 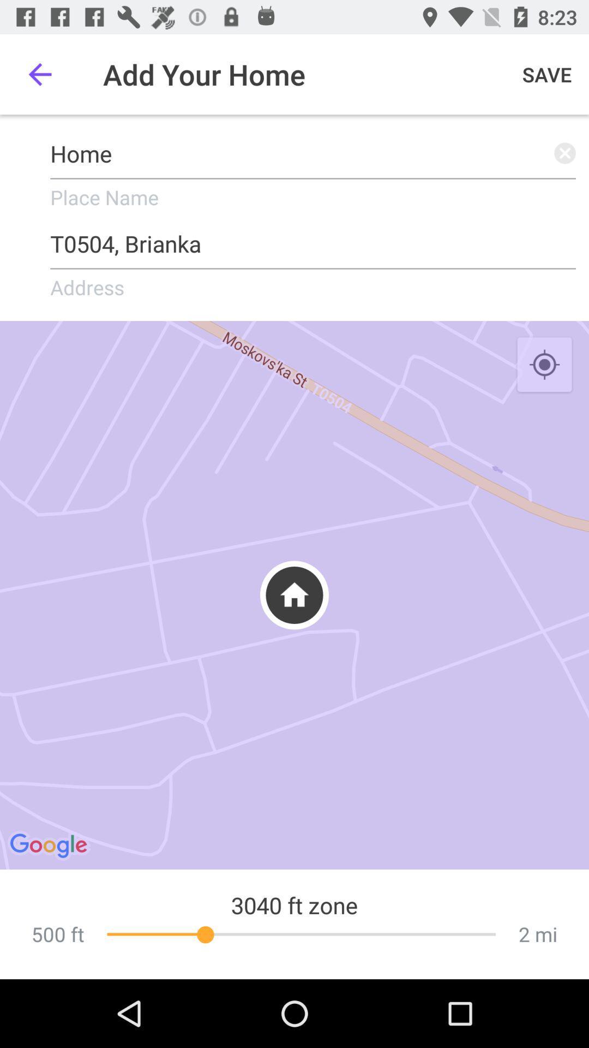 What do you see at coordinates (313, 239) in the screenshot?
I see `item above address item` at bounding box center [313, 239].